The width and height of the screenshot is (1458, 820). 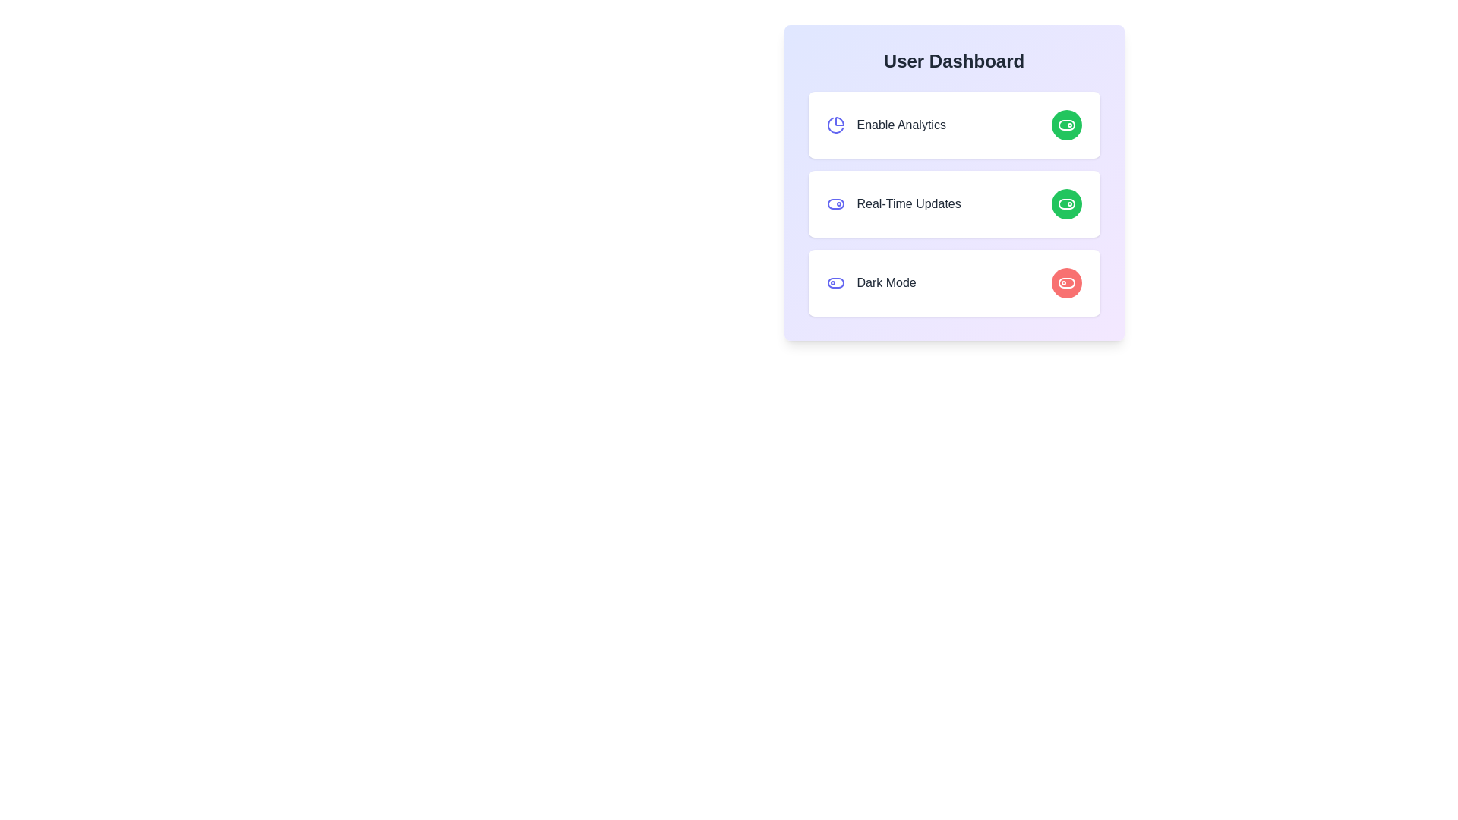 What do you see at coordinates (1065, 203) in the screenshot?
I see `the toggle button located at the bottom-right corner of the 'Real-Time Updates' option in the 'User Dashboard' card` at bounding box center [1065, 203].